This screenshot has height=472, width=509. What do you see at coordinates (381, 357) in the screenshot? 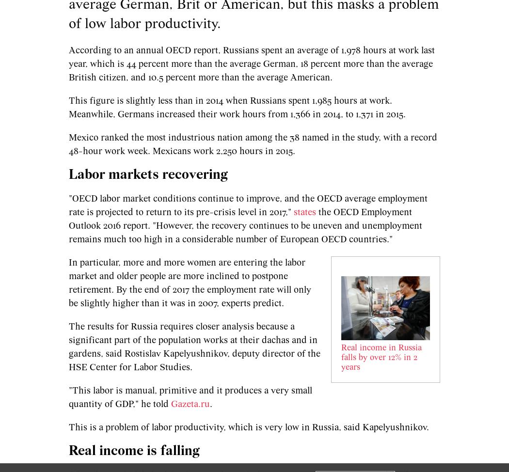
I see `'Real income in Russia falls by over 12% in 2 years'` at bounding box center [381, 357].